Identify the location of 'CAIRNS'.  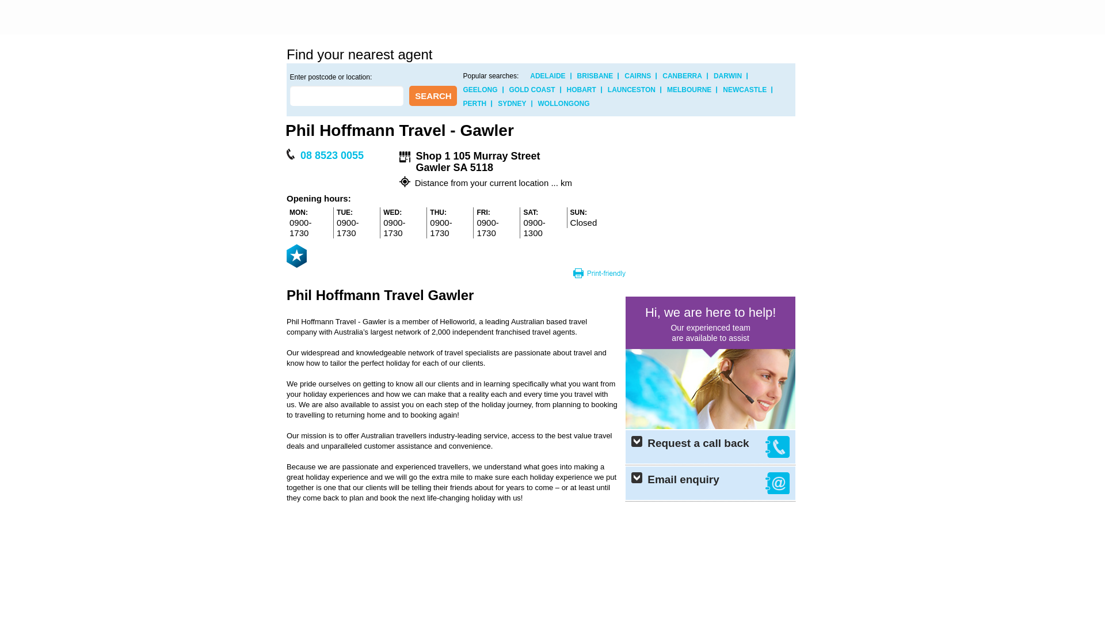
(623, 75).